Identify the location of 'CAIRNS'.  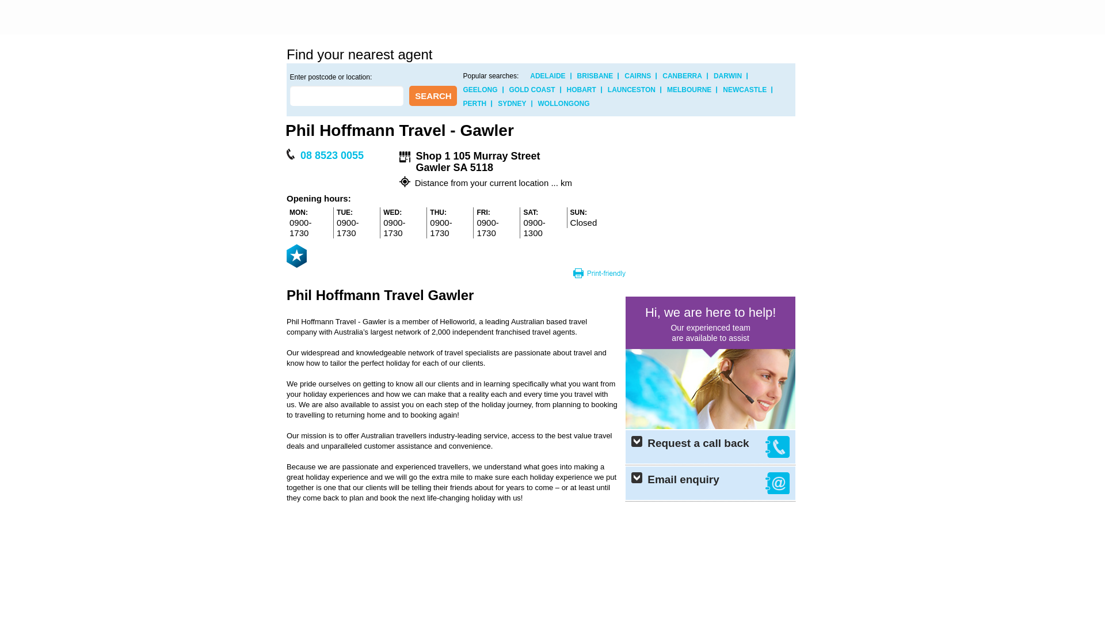
(623, 75).